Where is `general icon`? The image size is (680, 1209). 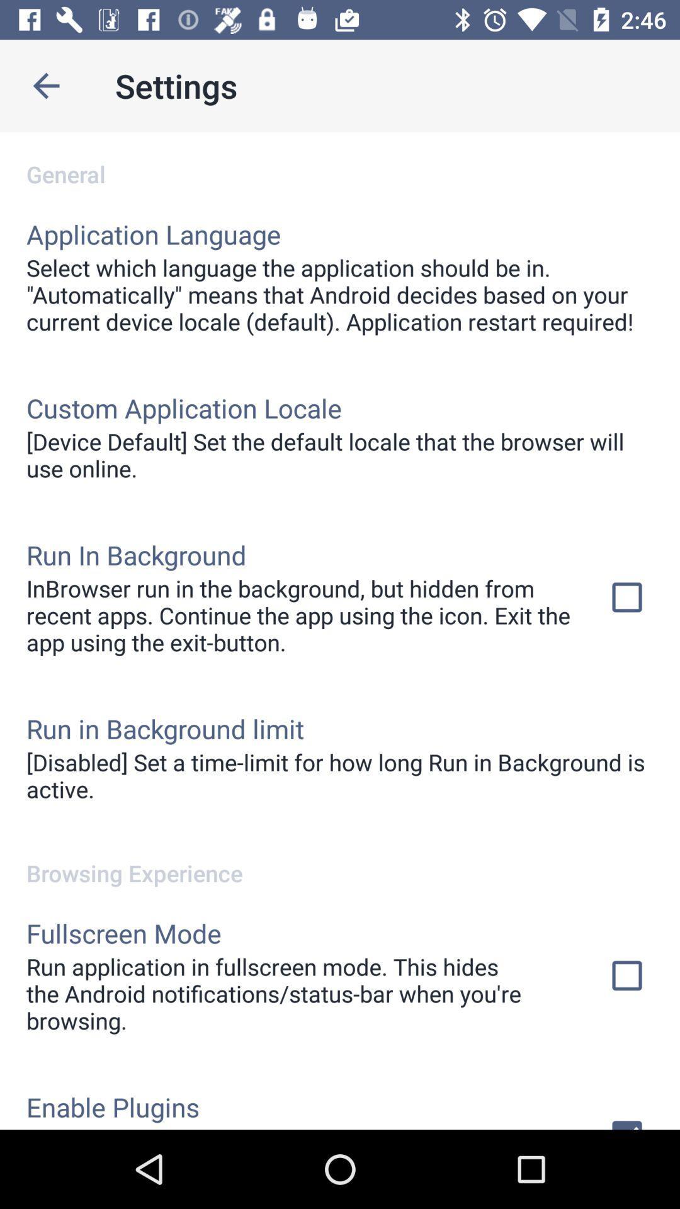
general icon is located at coordinates (340, 160).